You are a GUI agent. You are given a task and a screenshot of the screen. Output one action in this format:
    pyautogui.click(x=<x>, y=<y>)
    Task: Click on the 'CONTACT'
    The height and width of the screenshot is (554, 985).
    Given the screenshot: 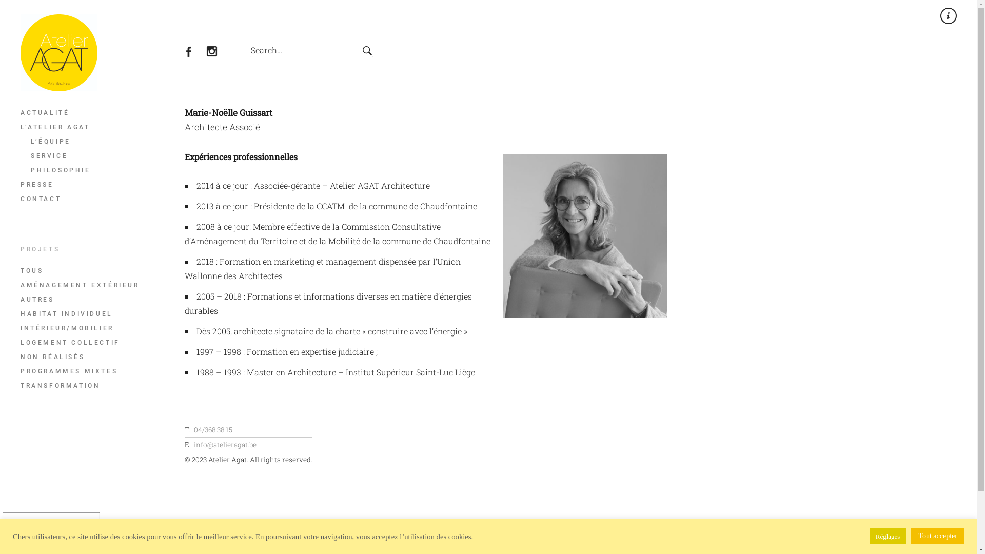 What is the action you would take?
    pyautogui.click(x=20, y=199)
    